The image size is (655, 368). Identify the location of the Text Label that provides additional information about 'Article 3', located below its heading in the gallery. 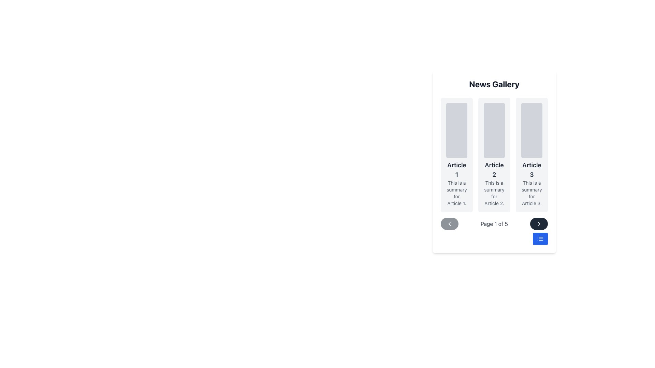
(532, 193).